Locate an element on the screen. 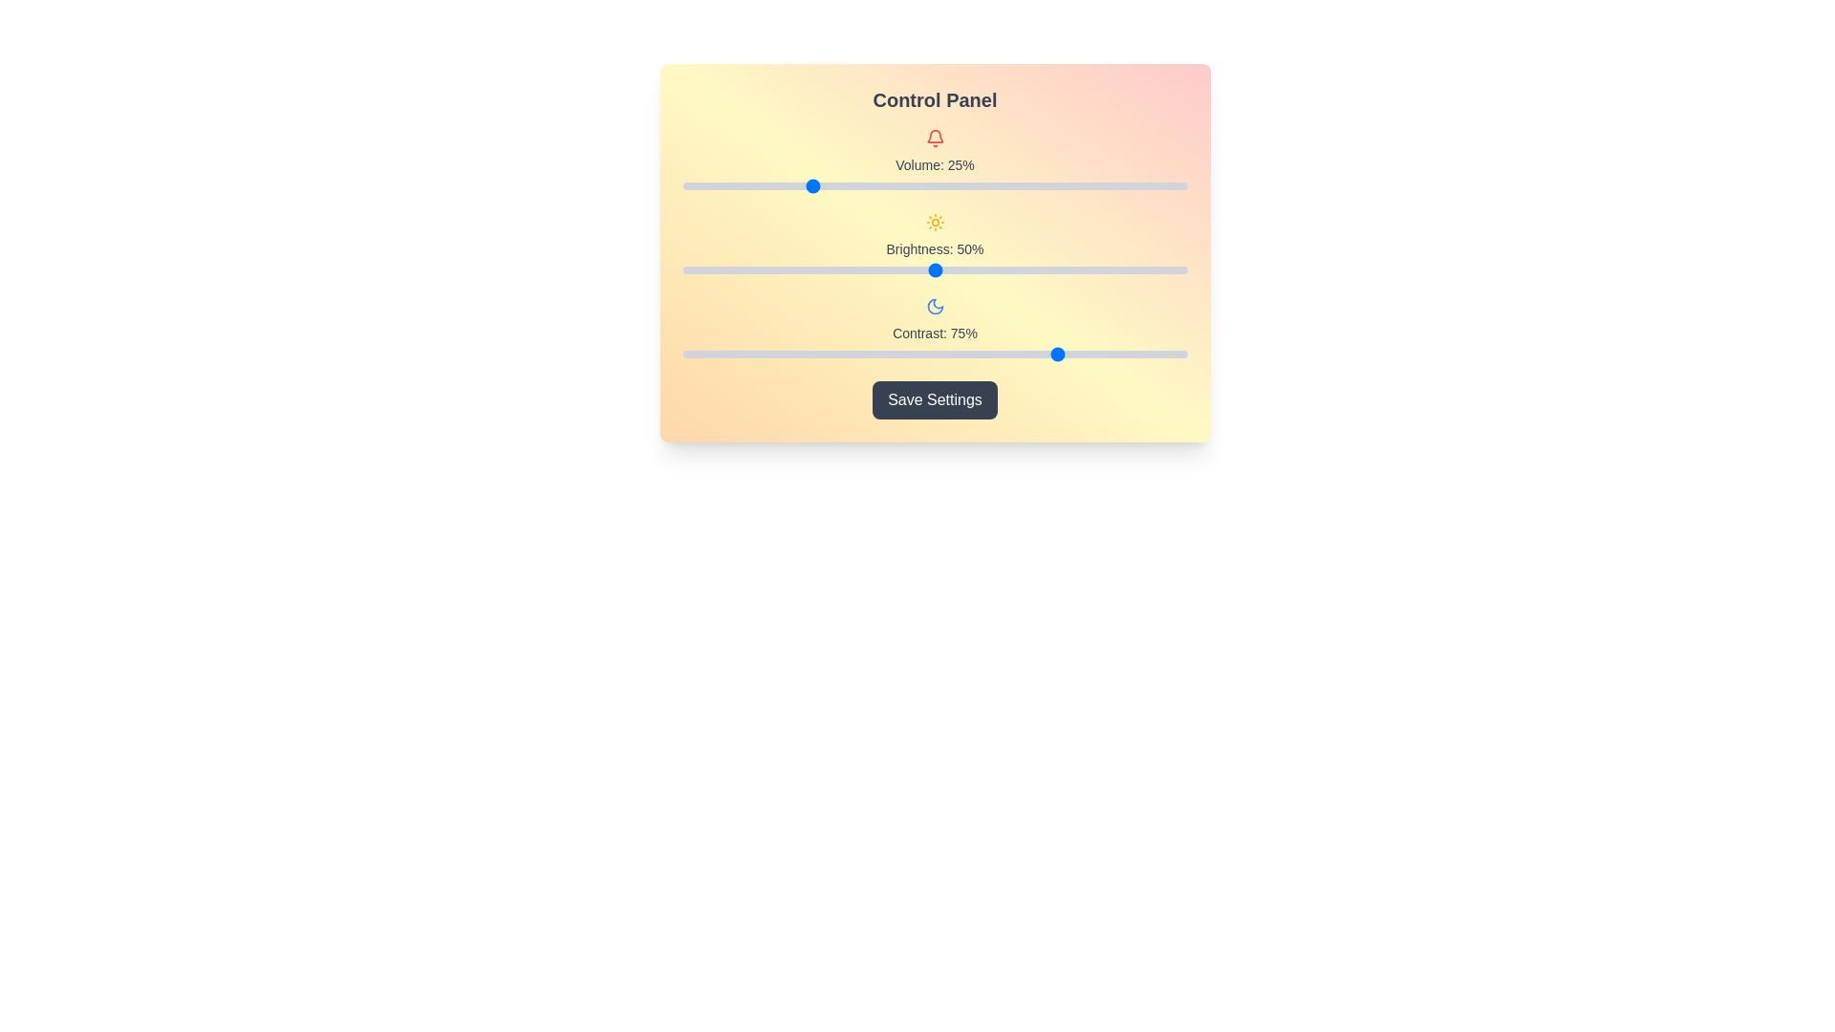  brightness is located at coordinates (1045, 269).